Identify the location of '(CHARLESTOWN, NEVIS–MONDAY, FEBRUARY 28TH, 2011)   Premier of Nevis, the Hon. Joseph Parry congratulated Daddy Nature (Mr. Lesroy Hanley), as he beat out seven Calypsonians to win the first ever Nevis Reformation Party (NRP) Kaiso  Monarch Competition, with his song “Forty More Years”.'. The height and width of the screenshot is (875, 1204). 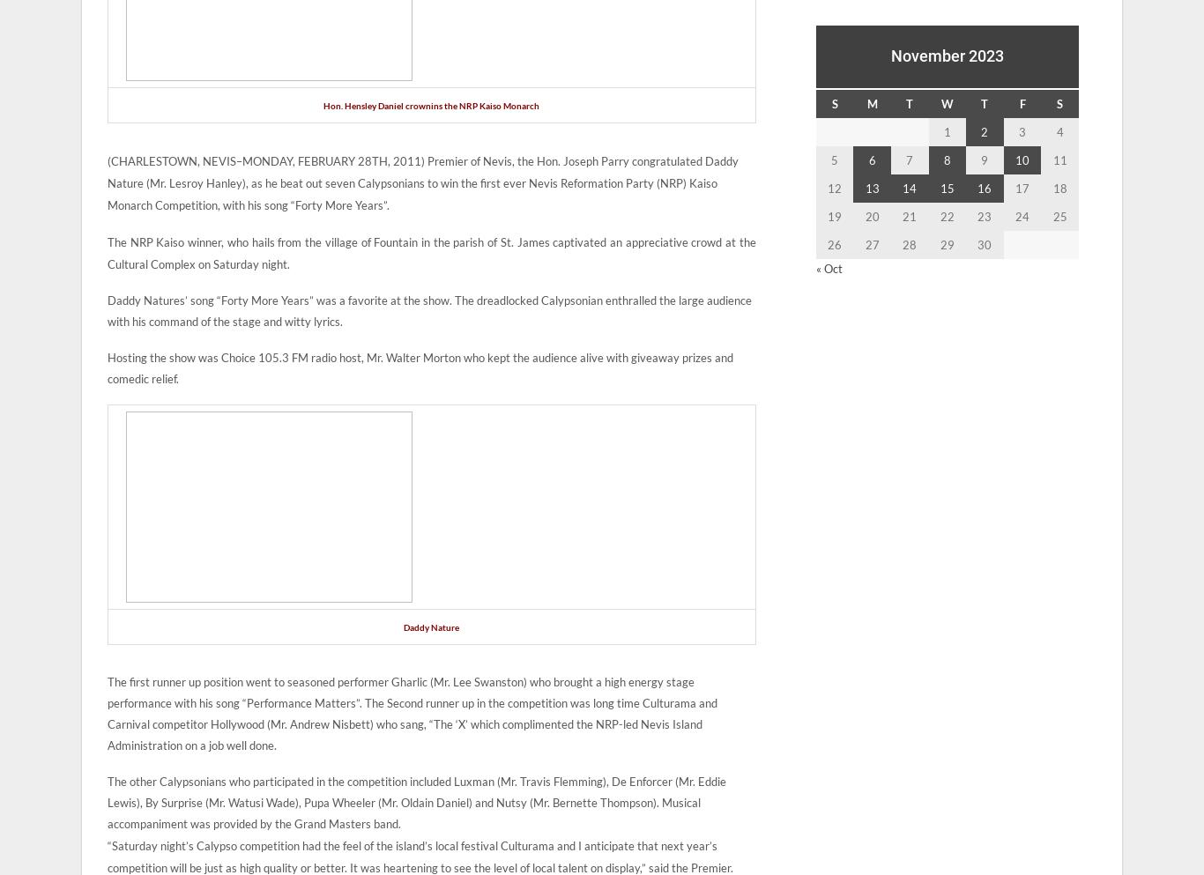
(423, 183).